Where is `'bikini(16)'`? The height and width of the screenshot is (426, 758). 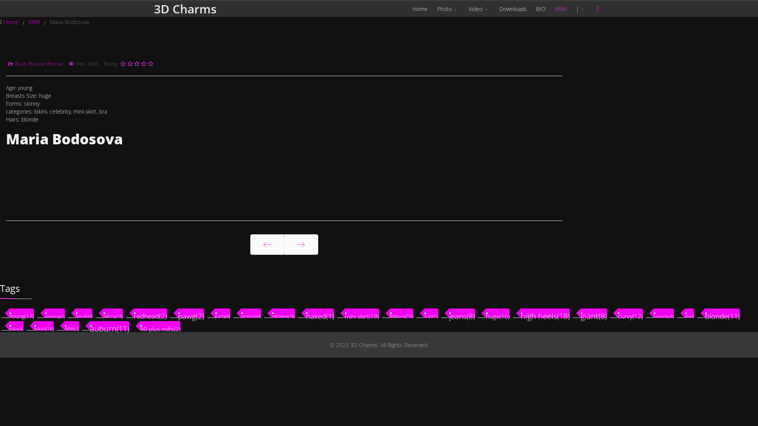
'bikini(16)' is located at coordinates (43, 325).